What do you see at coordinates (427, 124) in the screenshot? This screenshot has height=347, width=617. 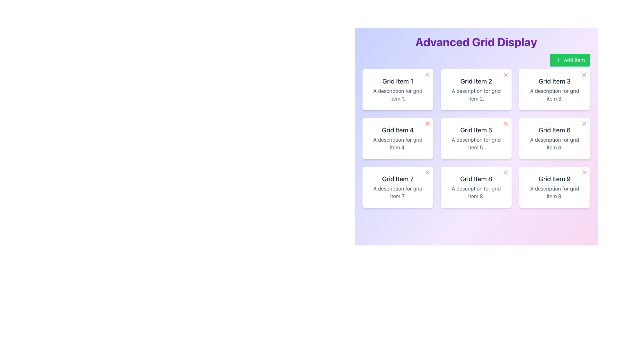 I see `the close button located at the top-right corner of the card labeled 'Grid Item 4'` at bounding box center [427, 124].